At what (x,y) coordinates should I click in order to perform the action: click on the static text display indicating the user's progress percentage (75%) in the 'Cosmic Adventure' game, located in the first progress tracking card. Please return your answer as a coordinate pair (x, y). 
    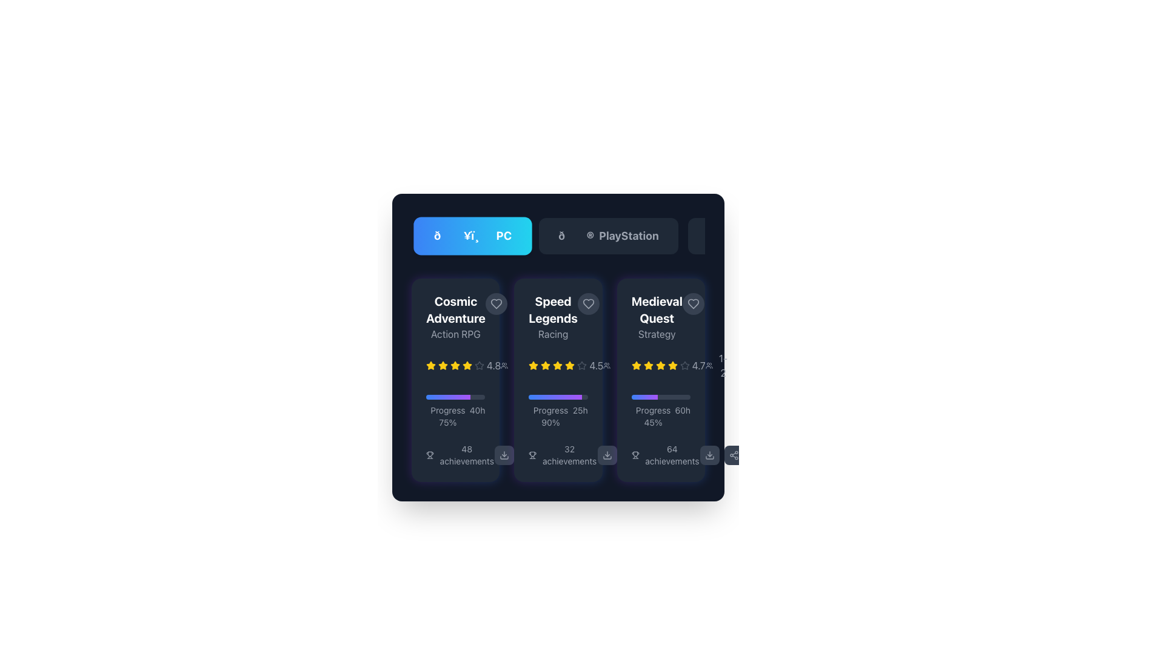
    Looking at the image, I should click on (447, 415).